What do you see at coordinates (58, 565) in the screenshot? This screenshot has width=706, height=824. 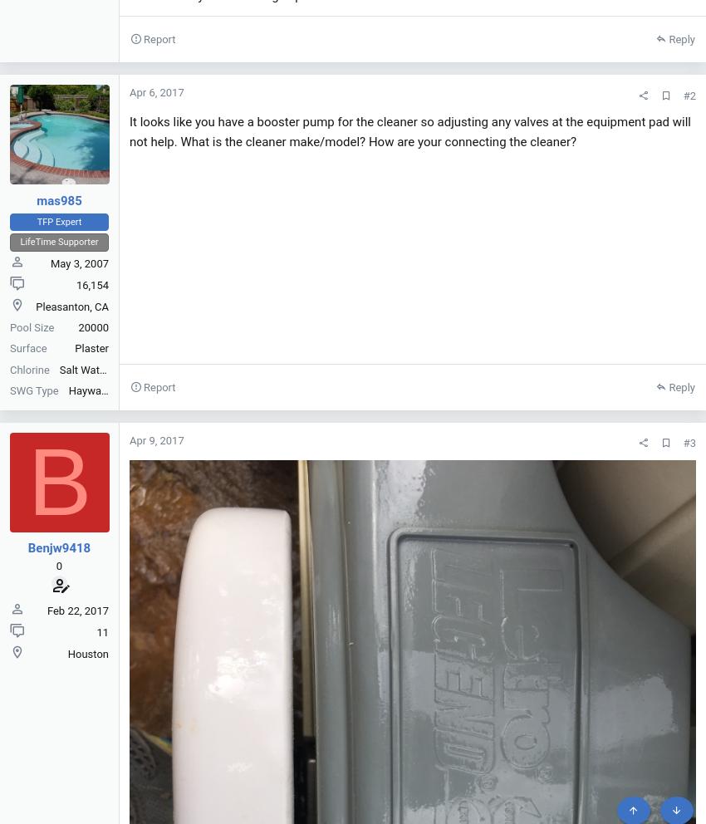 I see `'0'` at bounding box center [58, 565].